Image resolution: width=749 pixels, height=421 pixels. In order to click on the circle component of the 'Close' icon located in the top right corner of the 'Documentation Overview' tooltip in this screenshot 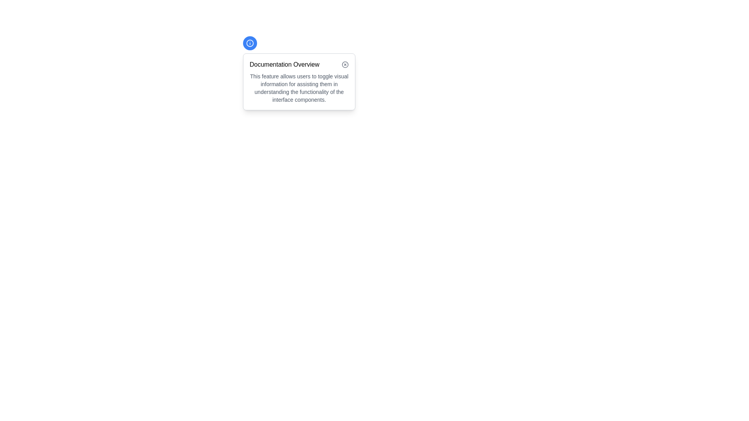, I will do `click(344, 64)`.